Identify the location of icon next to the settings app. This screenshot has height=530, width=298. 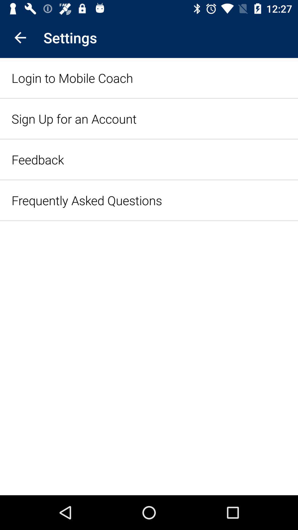
(20, 37).